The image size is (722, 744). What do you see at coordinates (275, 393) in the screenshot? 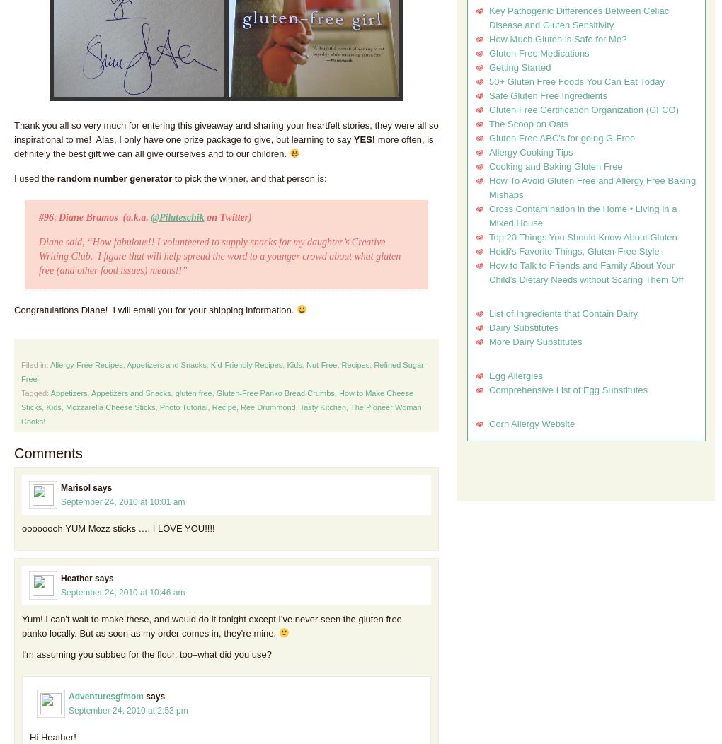
I see `'Gluten-Free Panko Bread Crumbs'` at bounding box center [275, 393].